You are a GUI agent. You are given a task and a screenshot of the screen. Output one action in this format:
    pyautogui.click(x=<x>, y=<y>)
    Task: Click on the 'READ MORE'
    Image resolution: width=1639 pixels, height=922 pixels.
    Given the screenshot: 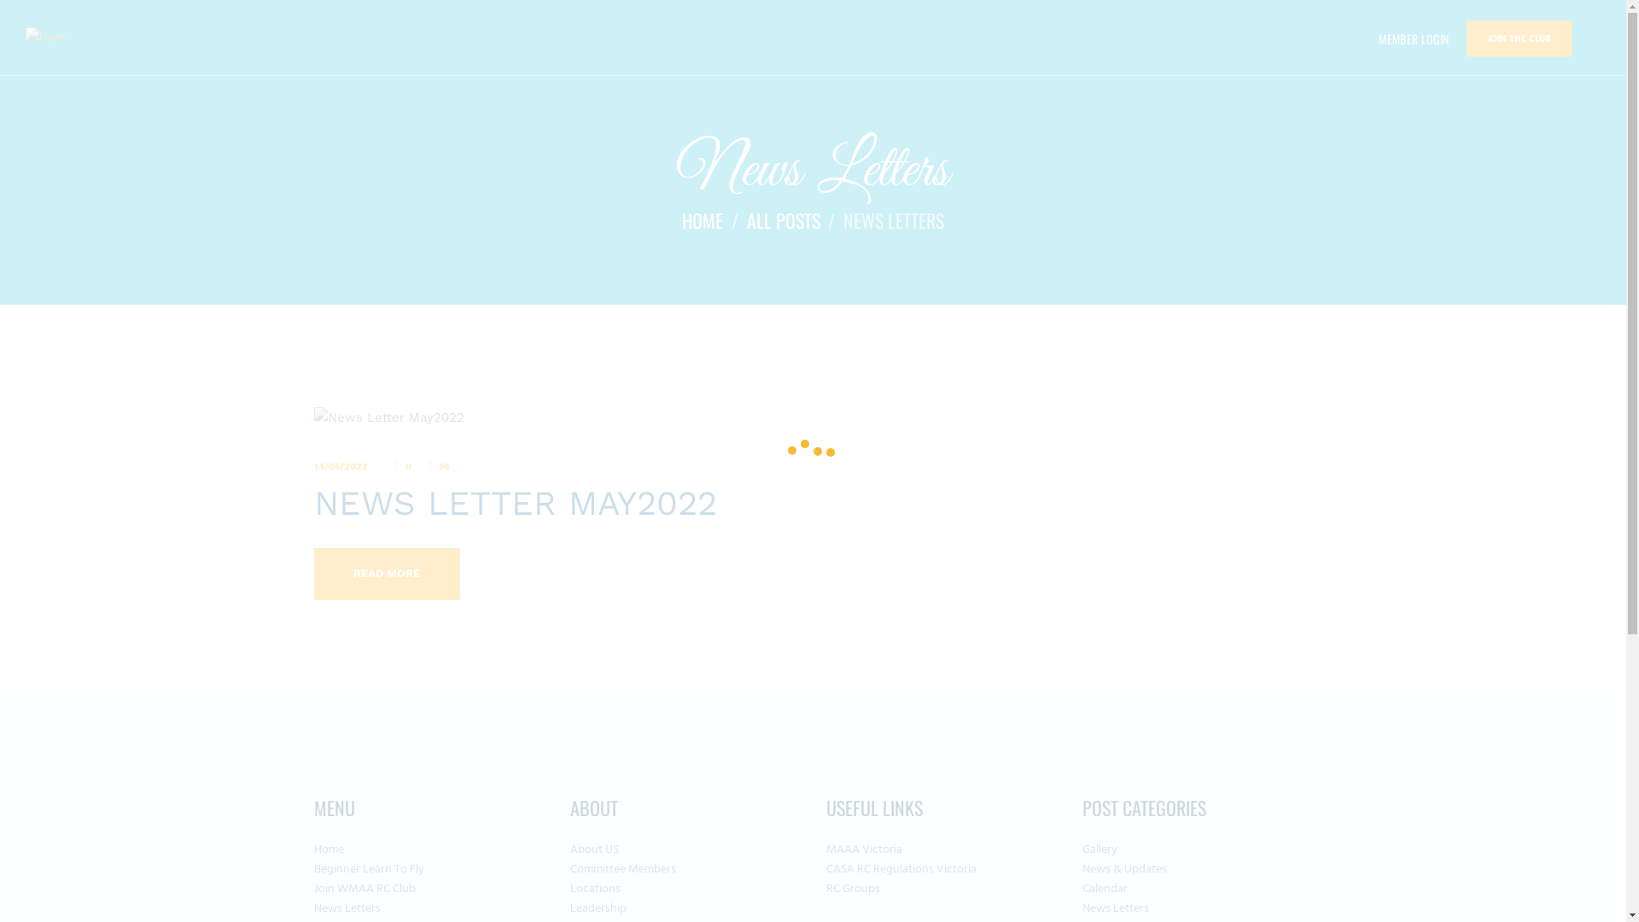 What is the action you would take?
    pyautogui.click(x=386, y=574)
    